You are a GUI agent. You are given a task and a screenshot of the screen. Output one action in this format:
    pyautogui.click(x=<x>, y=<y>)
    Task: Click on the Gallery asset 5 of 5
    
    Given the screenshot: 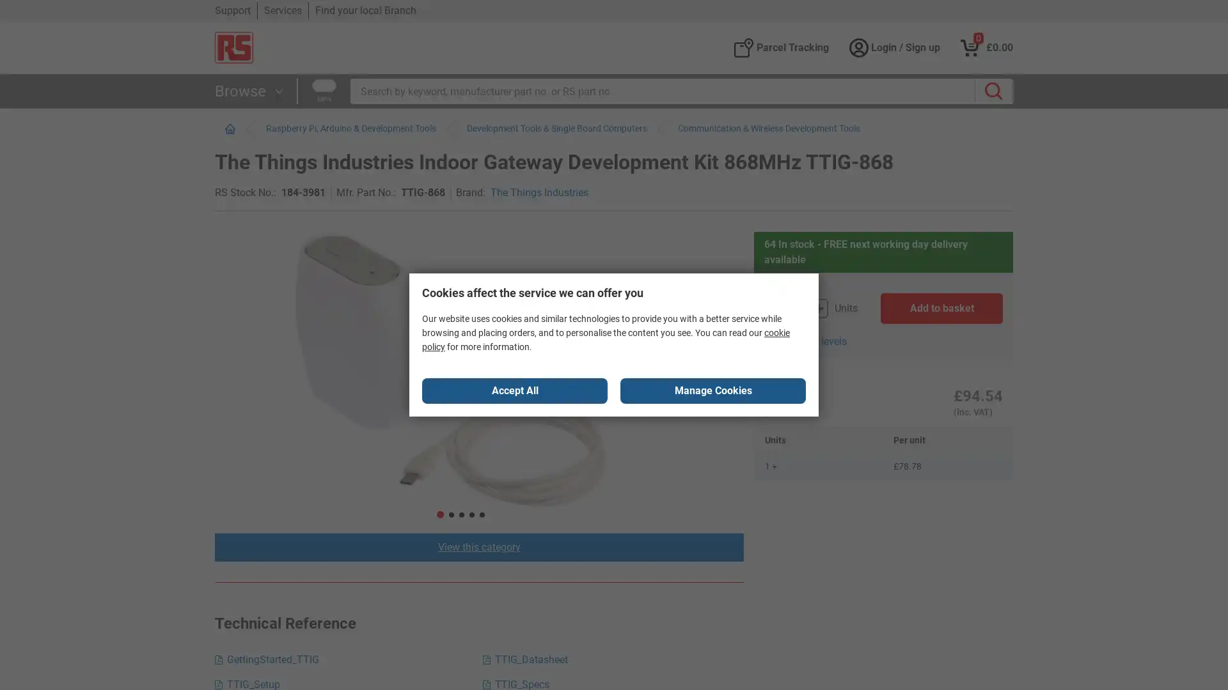 What is the action you would take?
    pyautogui.click(x=251, y=527)
    